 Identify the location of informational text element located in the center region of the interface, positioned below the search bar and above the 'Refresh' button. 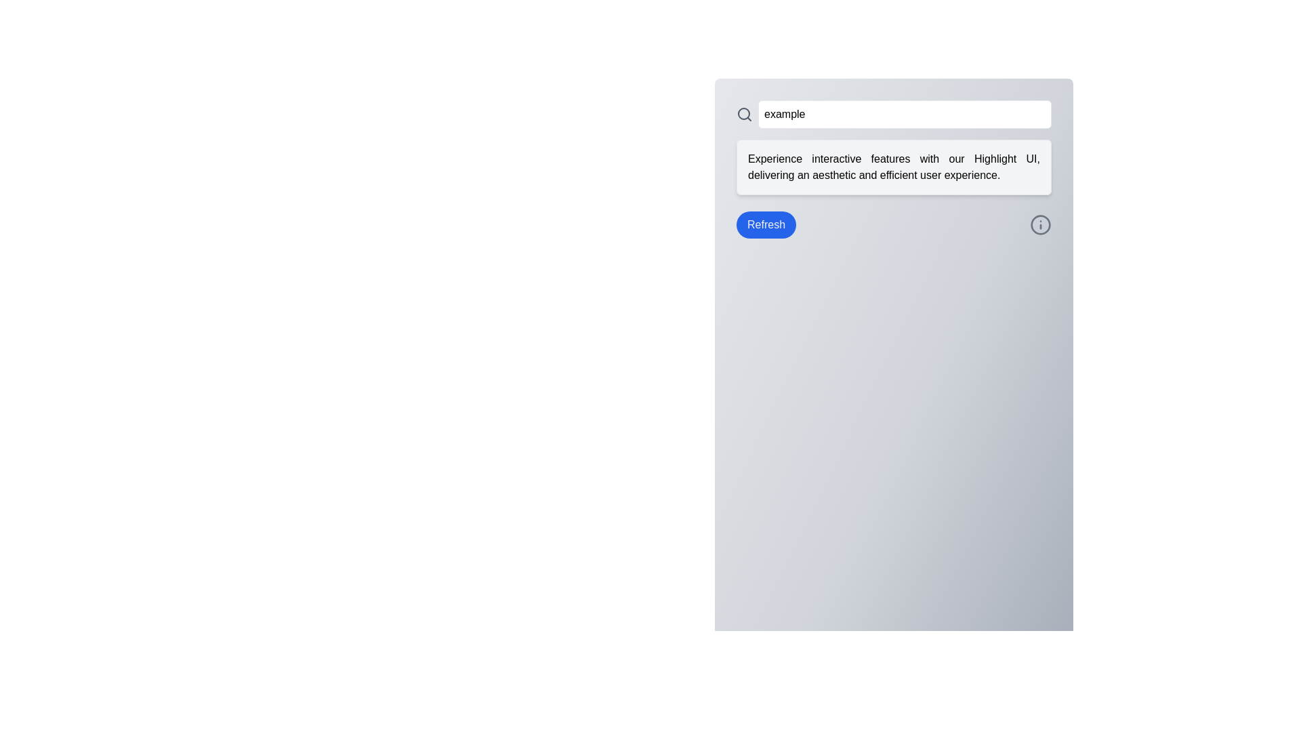
(894, 166).